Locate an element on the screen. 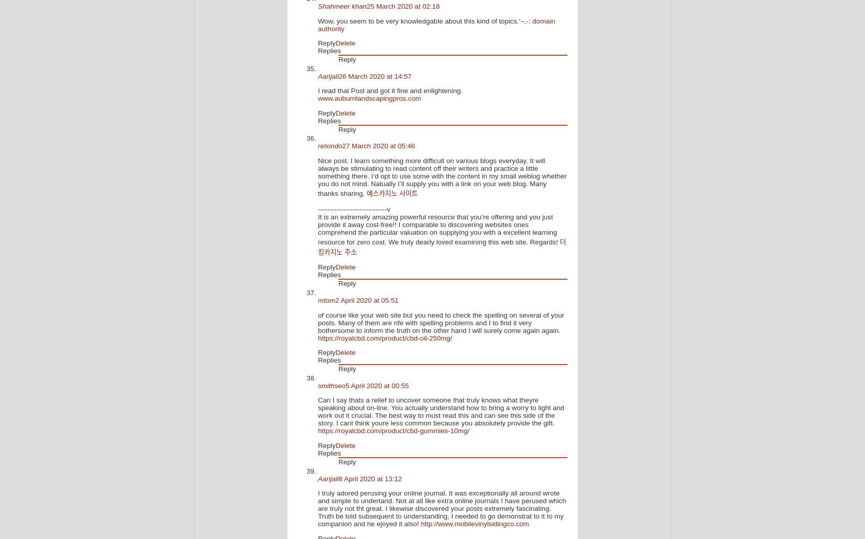 This screenshot has width=865, height=539. '5 April 2020 at 00:55' is located at coordinates (376, 385).